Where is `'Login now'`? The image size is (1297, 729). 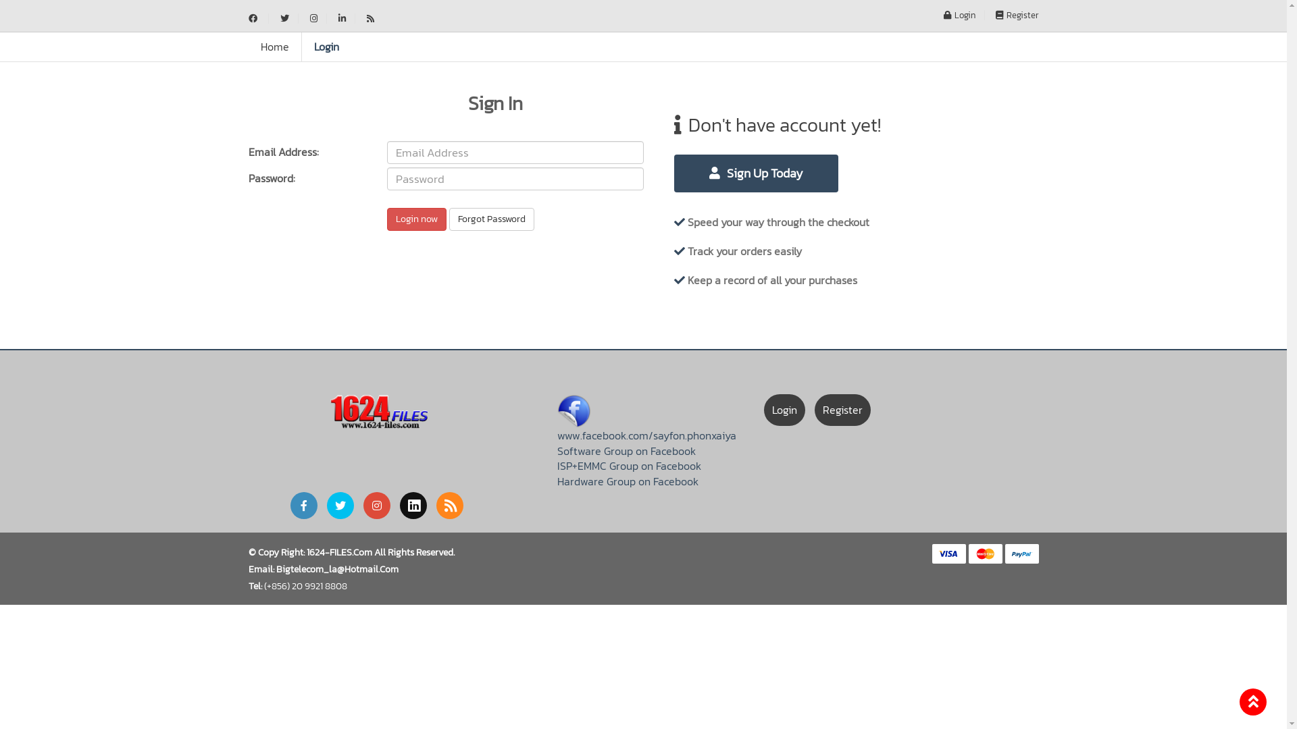
'Login now' is located at coordinates (415, 218).